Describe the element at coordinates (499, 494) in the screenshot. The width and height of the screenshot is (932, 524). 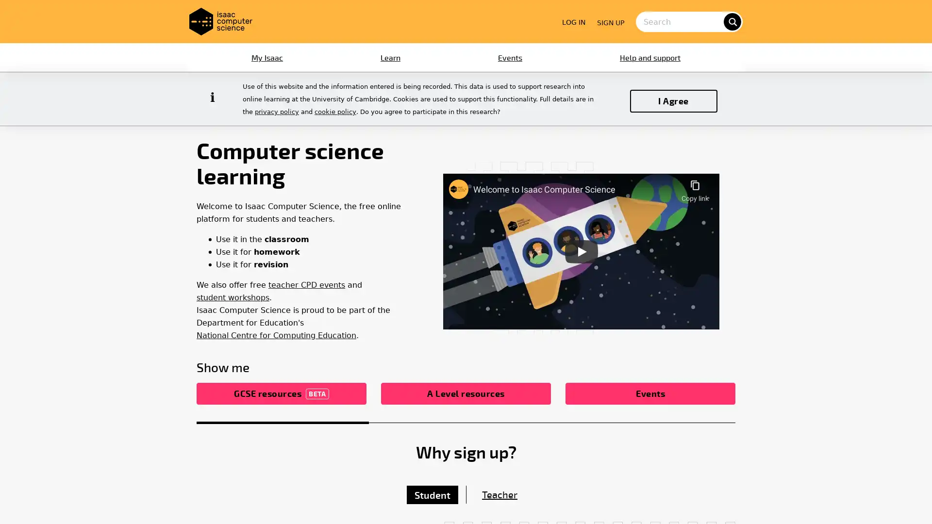
I see `Teacher` at that location.